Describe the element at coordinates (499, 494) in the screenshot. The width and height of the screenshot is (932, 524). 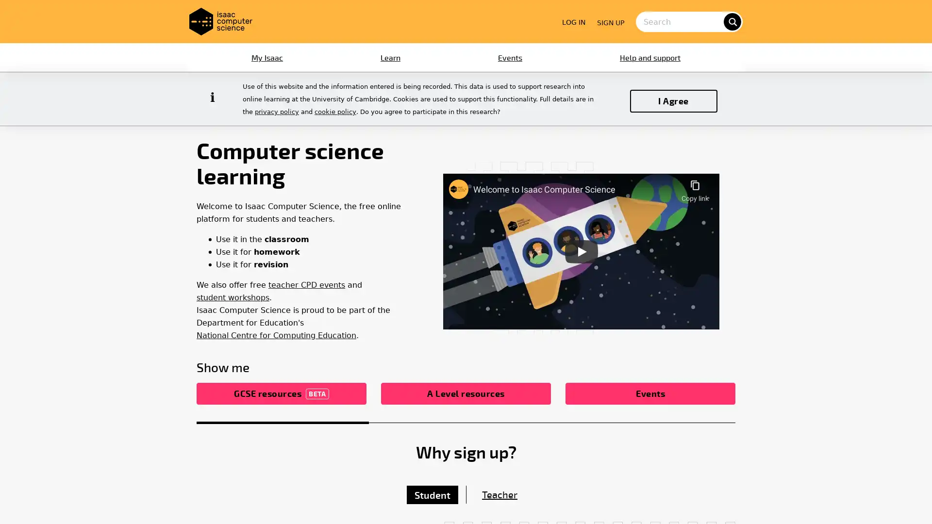
I see `Teacher` at that location.